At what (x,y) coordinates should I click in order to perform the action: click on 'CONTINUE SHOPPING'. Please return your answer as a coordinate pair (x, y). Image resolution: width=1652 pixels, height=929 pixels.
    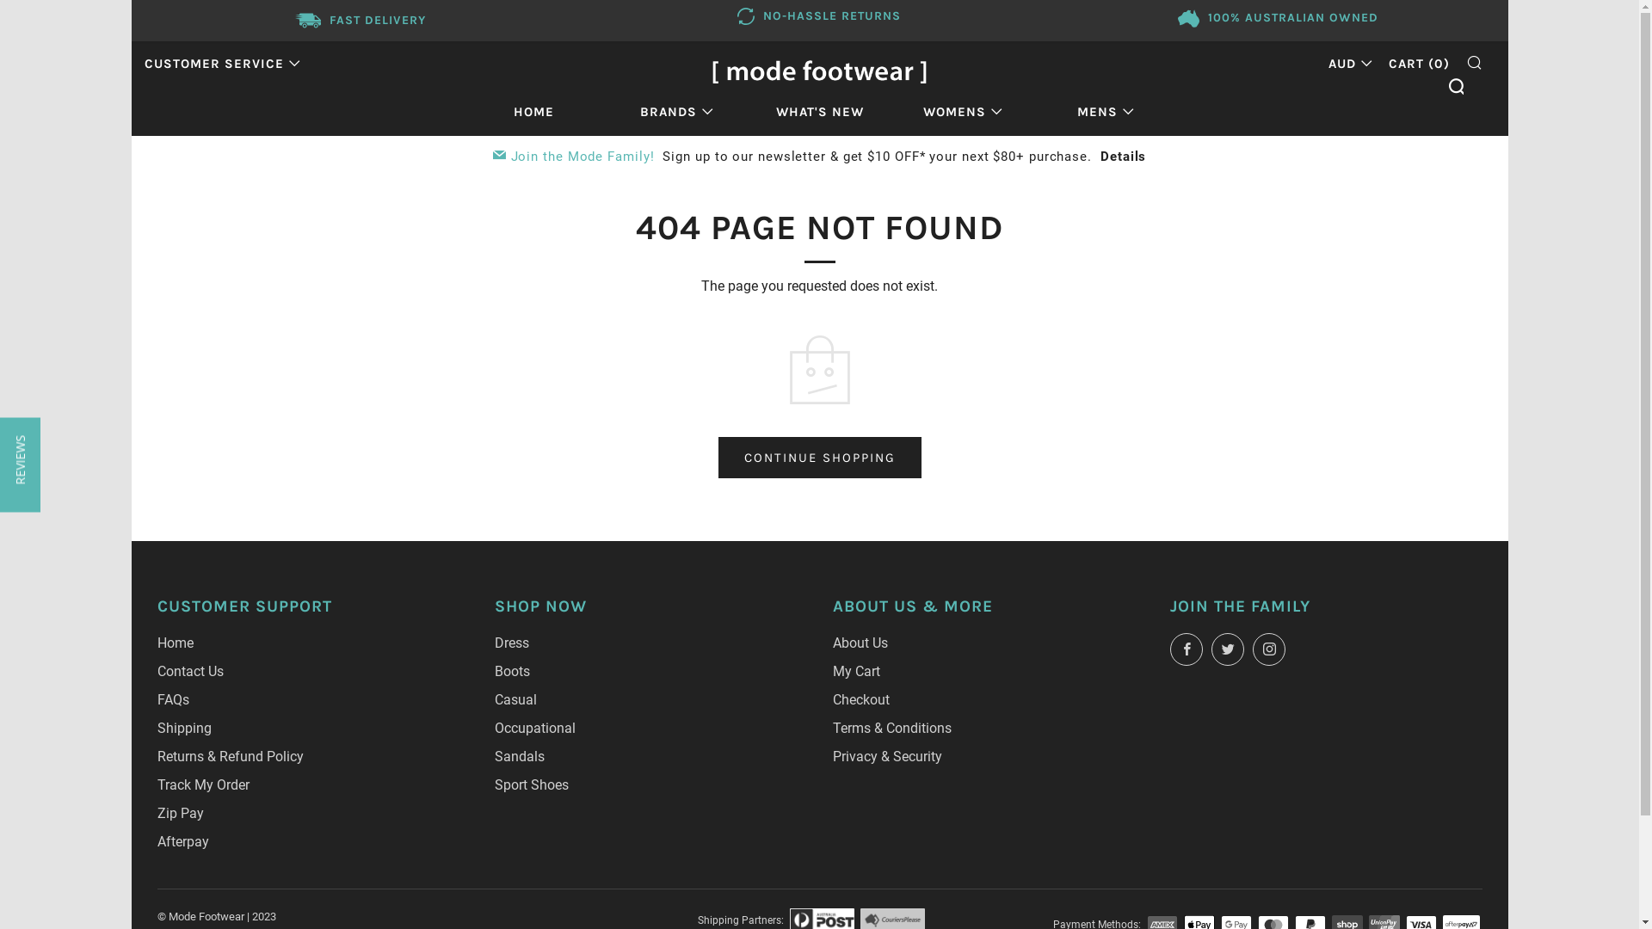
    Looking at the image, I should click on (817, 457).